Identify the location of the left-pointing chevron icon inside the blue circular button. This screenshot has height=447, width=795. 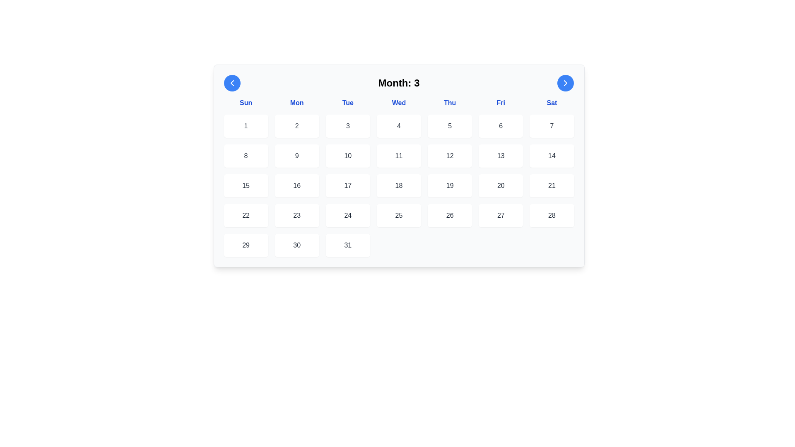
(232, 83).